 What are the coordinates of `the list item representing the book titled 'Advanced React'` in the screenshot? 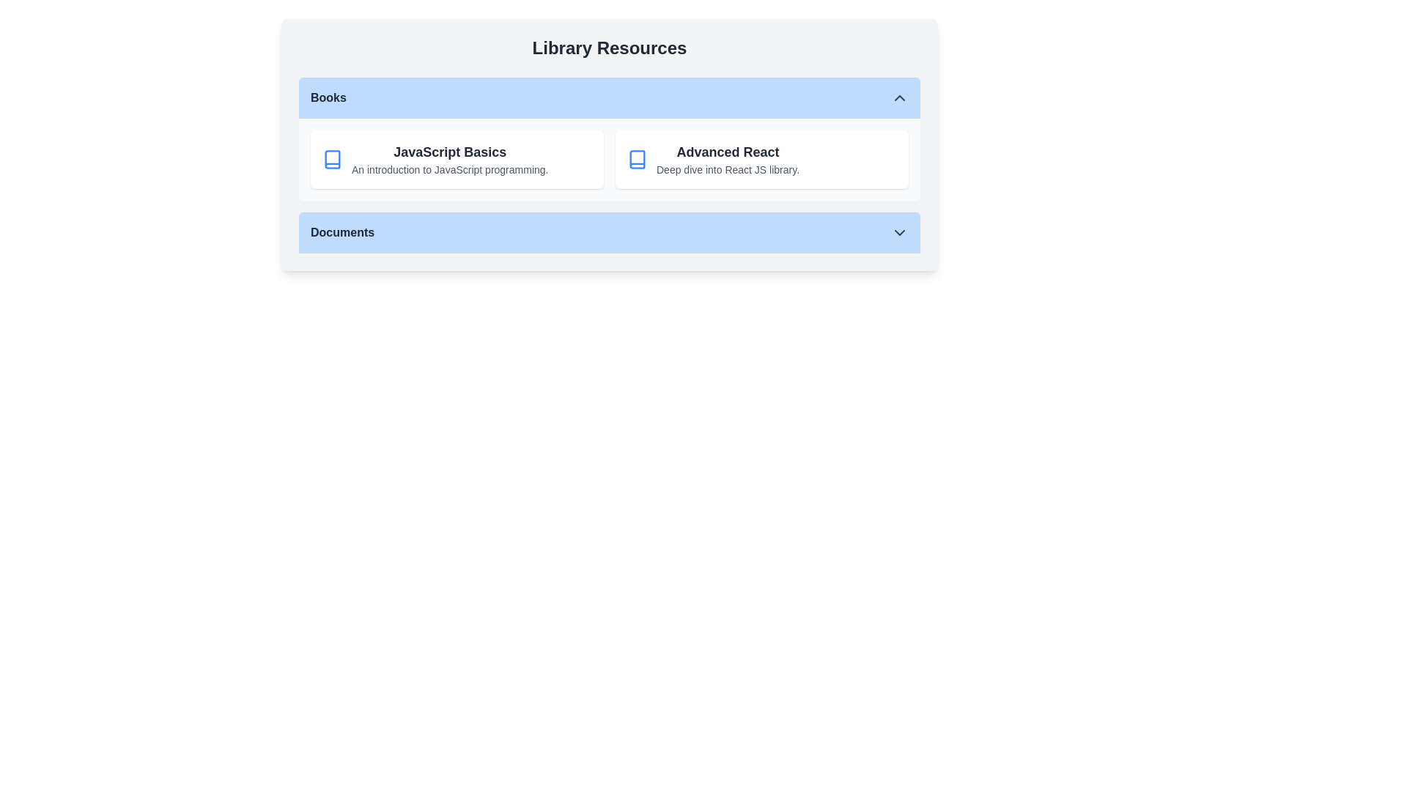 It's located at (762, 160).